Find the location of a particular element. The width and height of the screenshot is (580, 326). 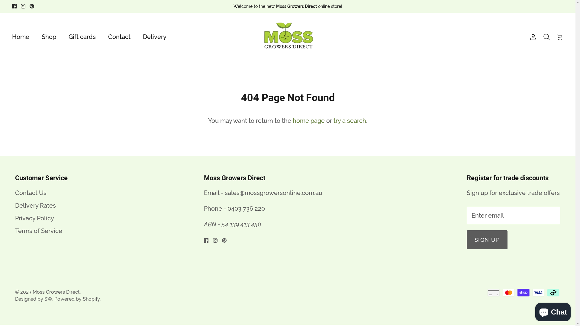

'Delivery' is located at coordinates (155, 37).